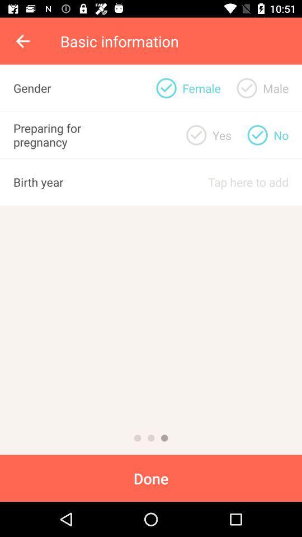  What do you see at coordinates (196, 134) in the screenshot?
I see `option for when preparing for preganancy` at bounding box center [196, 134].